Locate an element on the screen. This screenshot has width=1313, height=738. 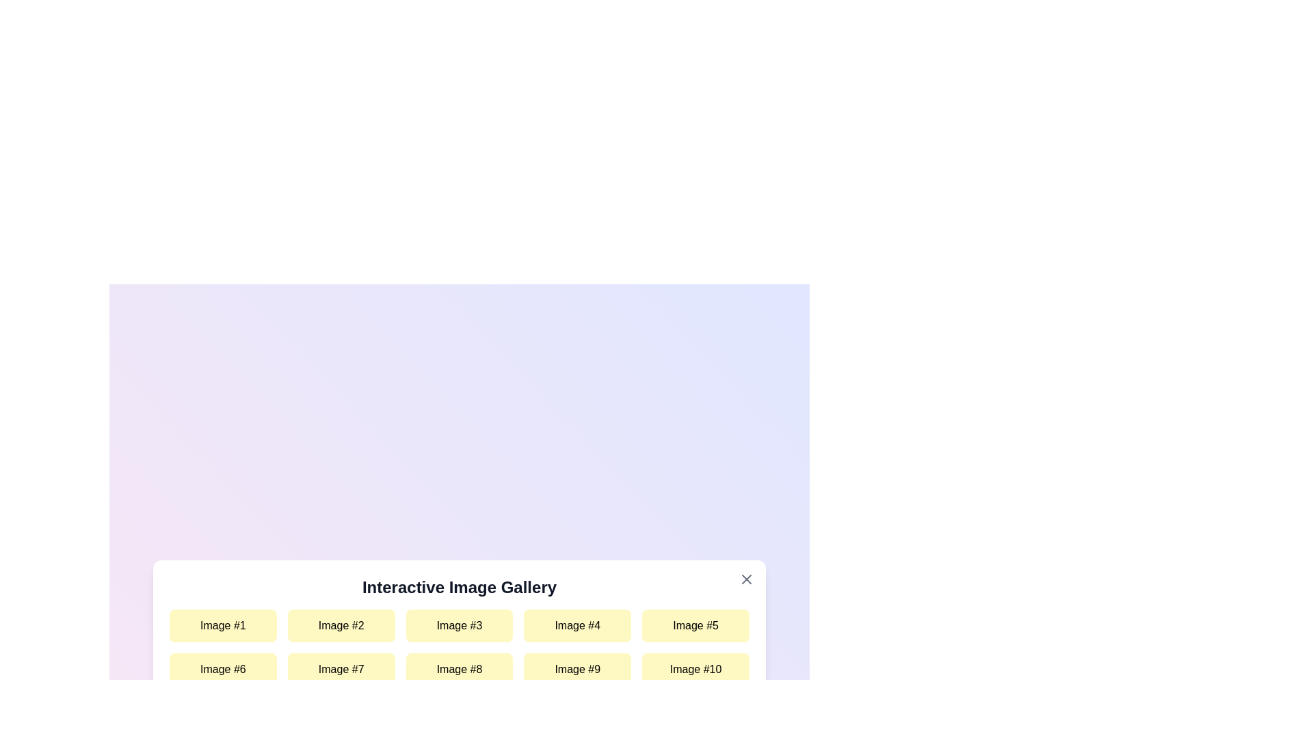
close button in the top-right corner of the dialog is located at coordinates (745, 579).